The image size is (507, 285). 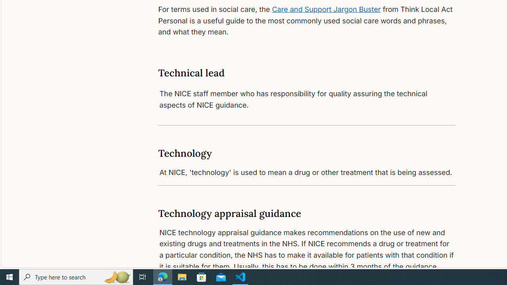 I want to click on 'Care and Support Jargon Buster', so click(x=326, y=9).